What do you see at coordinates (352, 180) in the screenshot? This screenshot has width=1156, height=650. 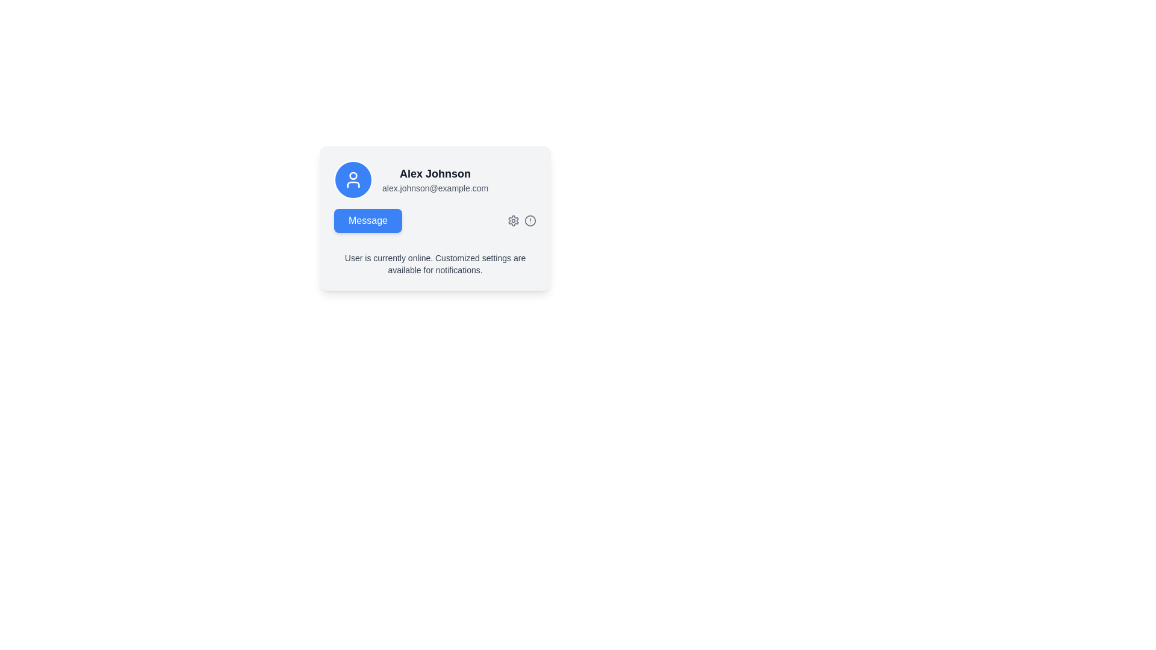 I see `the user's avatar or profile picture icon located in the upper-left region of the card structure, which is immediately to the left of the name and email address label ('Alex Johnson' and 'alex.johnson@example.com')` at bounding box center [352, 180].